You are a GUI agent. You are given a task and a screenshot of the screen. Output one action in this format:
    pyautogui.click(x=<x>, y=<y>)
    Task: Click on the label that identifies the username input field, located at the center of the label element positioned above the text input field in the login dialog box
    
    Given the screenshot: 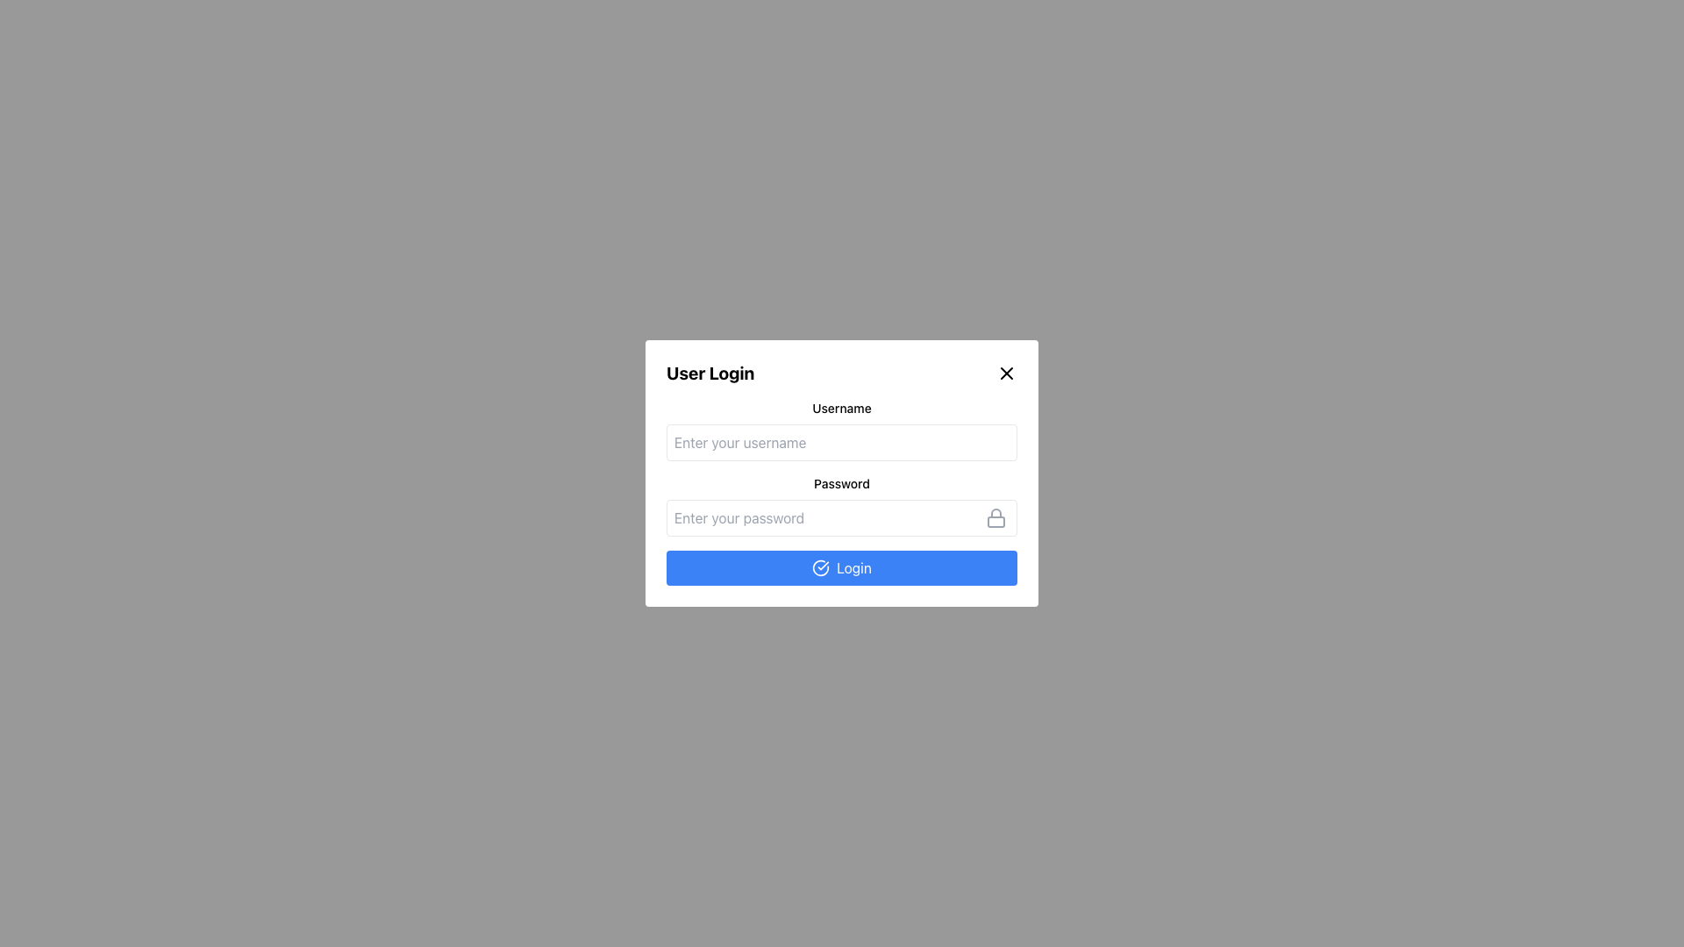 What is the action you would take?
    pyautogui.click(x=842, y=409)
    